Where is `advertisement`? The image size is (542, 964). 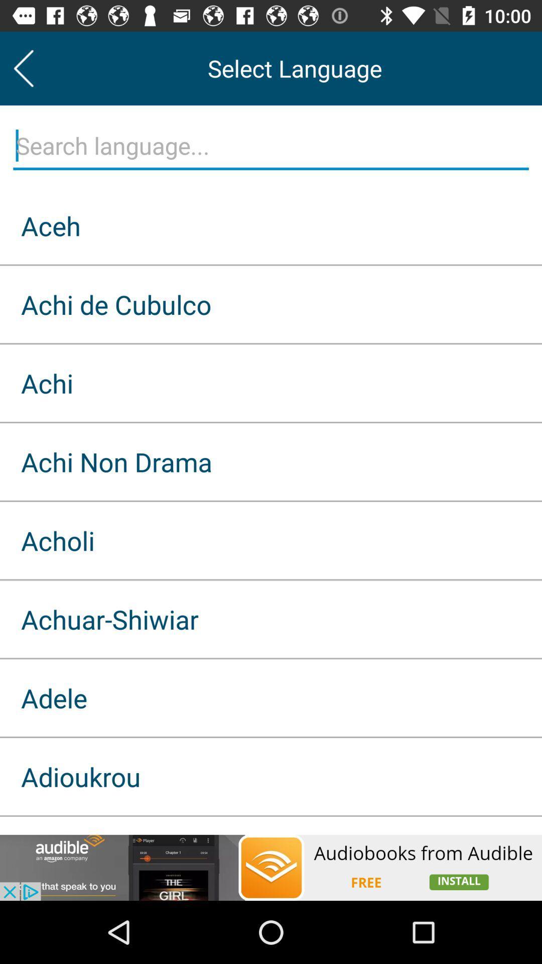
advertisement is located at coordinates (271, 867).